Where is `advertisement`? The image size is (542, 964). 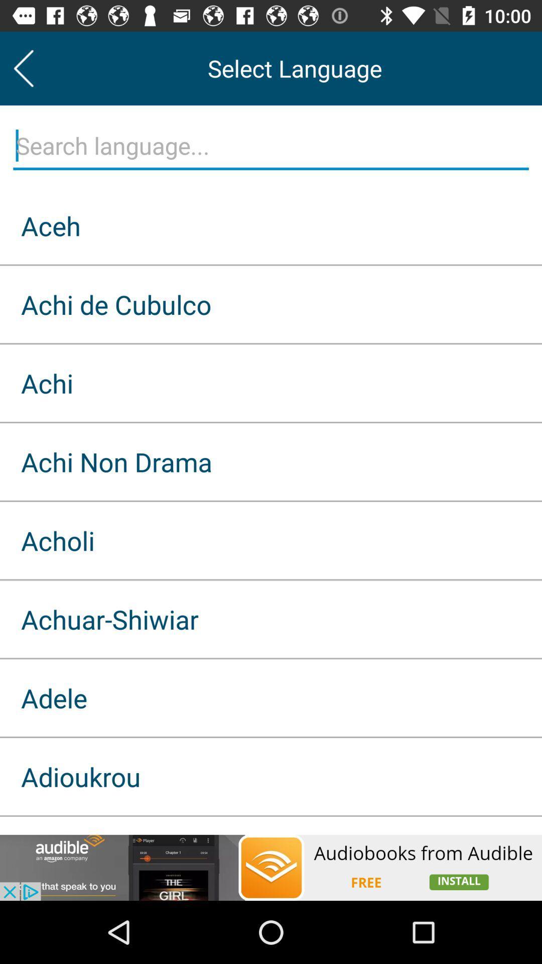
advertisement is located at coordinates (271, 867).